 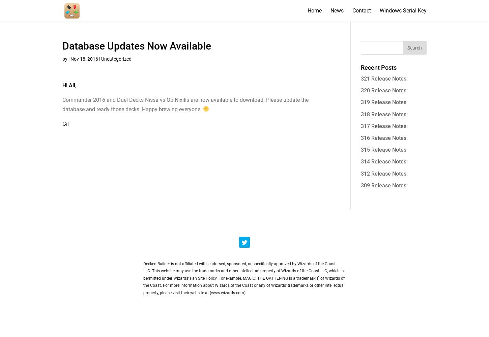 I want to click on '316 Release Notes:', so click(x=383, y=137).